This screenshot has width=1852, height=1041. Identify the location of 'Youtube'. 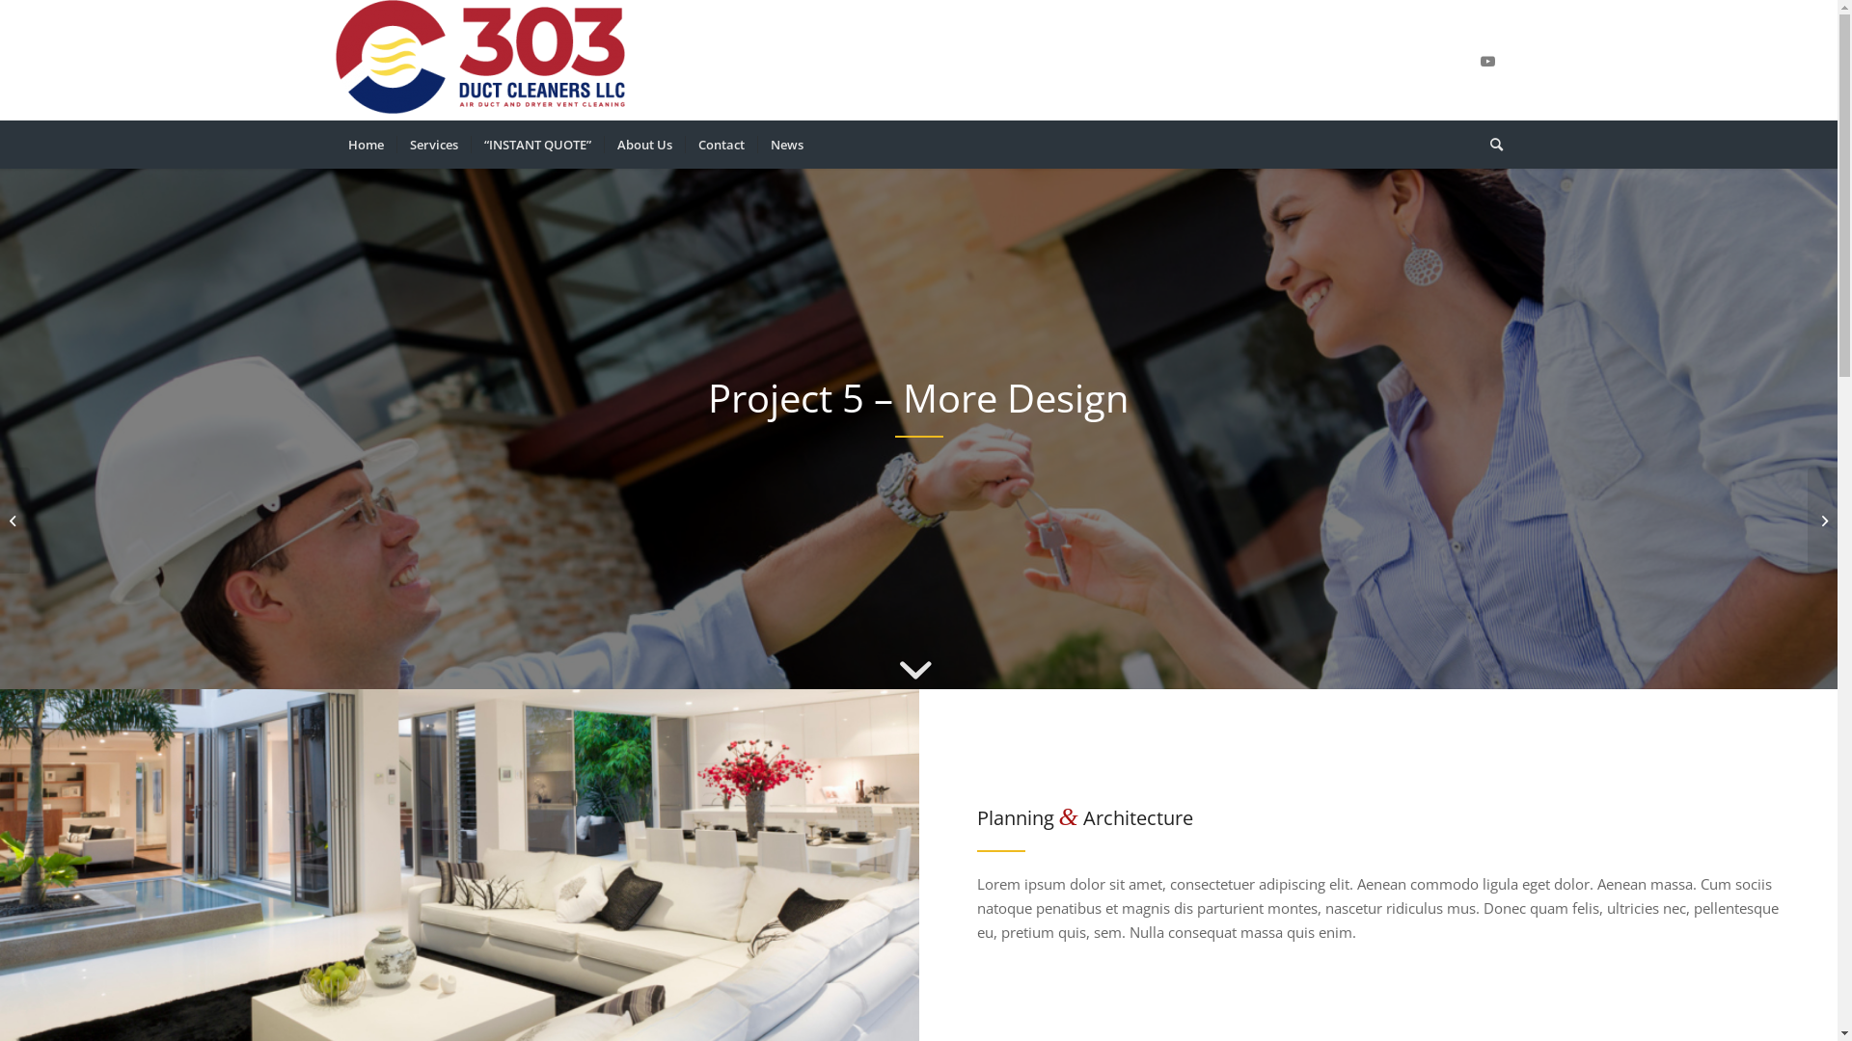
(1486, 59).